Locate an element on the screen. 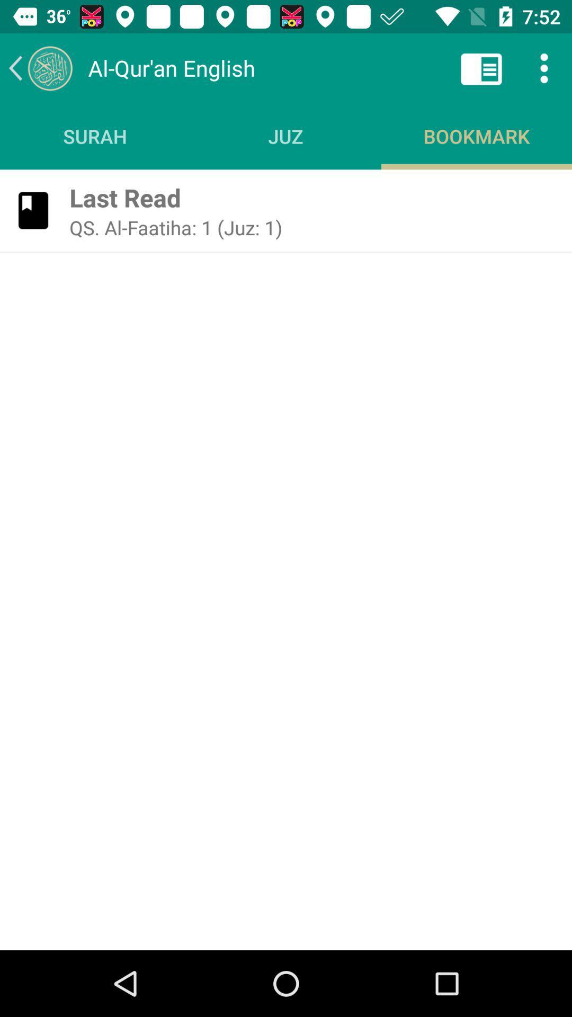 The height and width of the screenshot is (1017, 572). open menu is located at coordinates (544, 67).